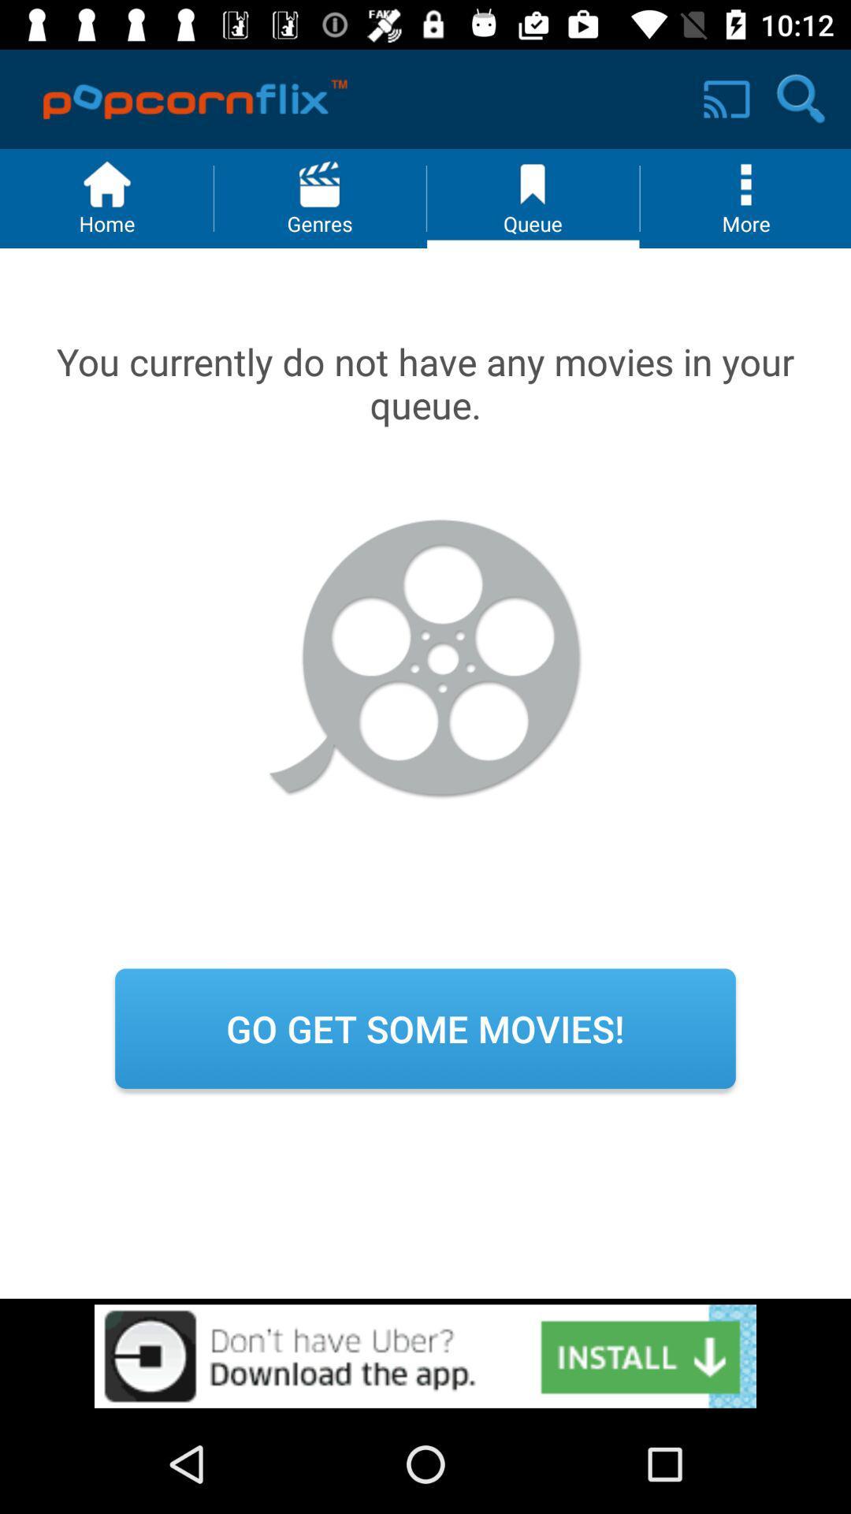  Describe the element at coordinates (425, 1356) in the screenshot. I see `open advertisement` at that location.